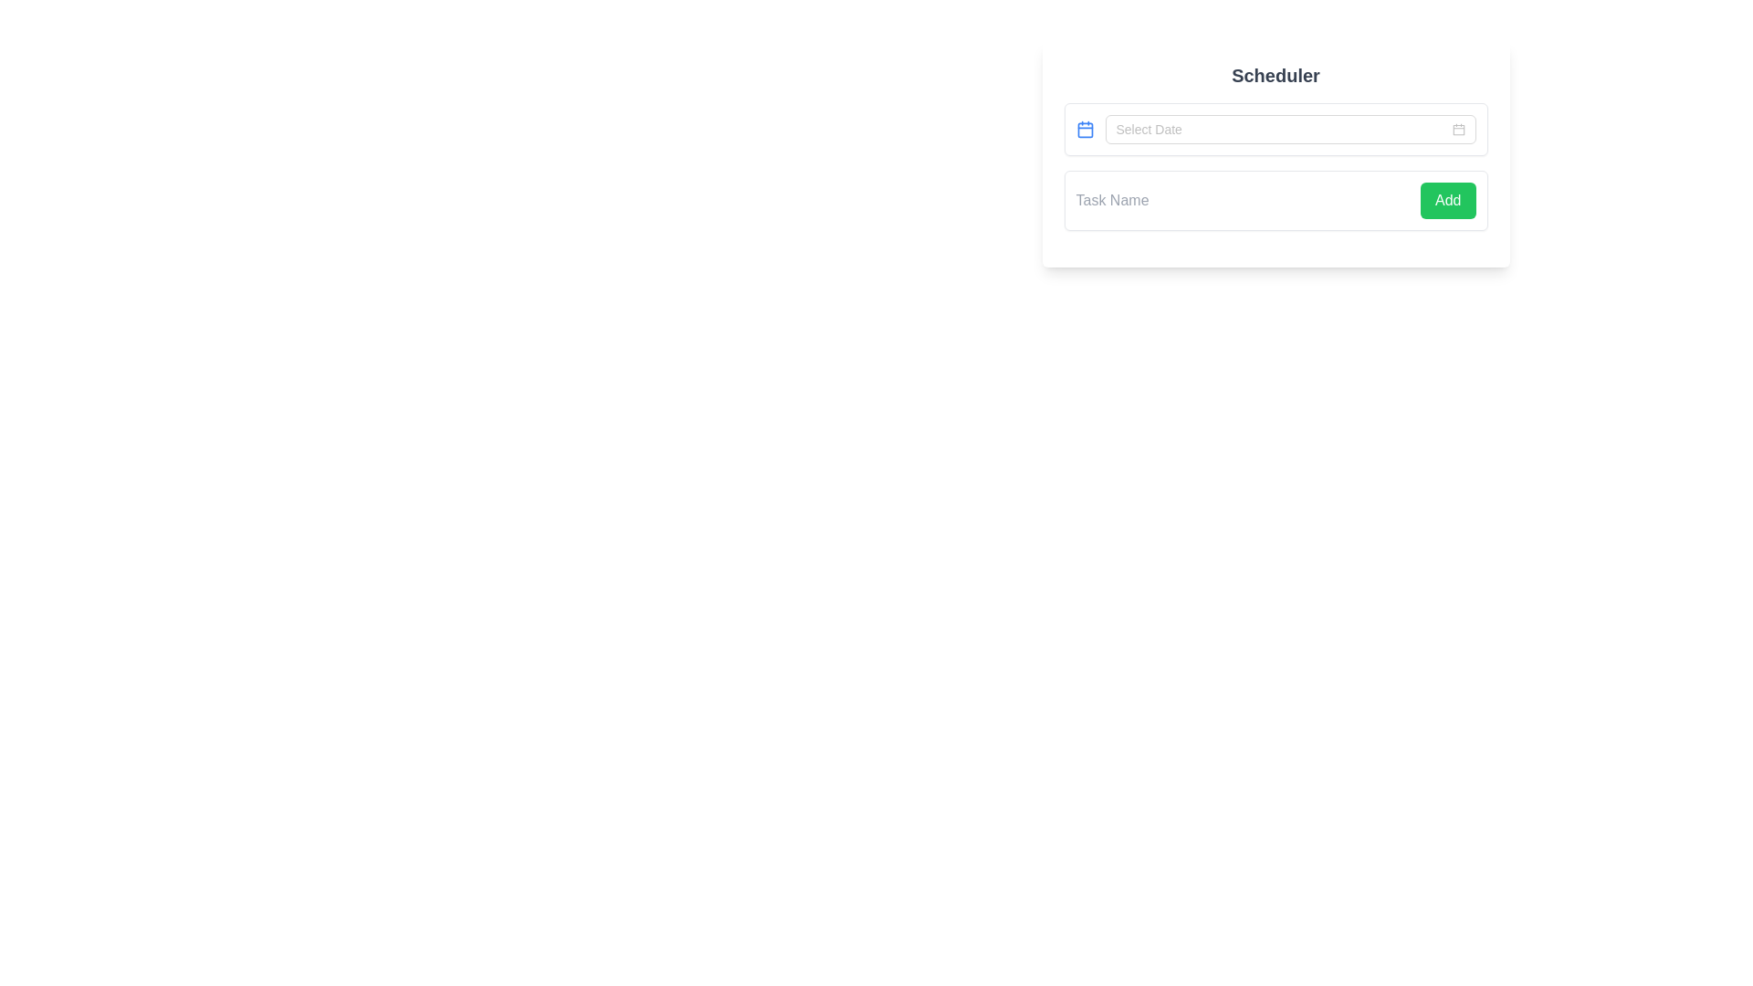 The width and height of the screenshot is (1753, 986). I want to click on the input field of the date picker UI component located directly beneath the 'Scheduler' header for keyboard navigation, so click(1275, 129).